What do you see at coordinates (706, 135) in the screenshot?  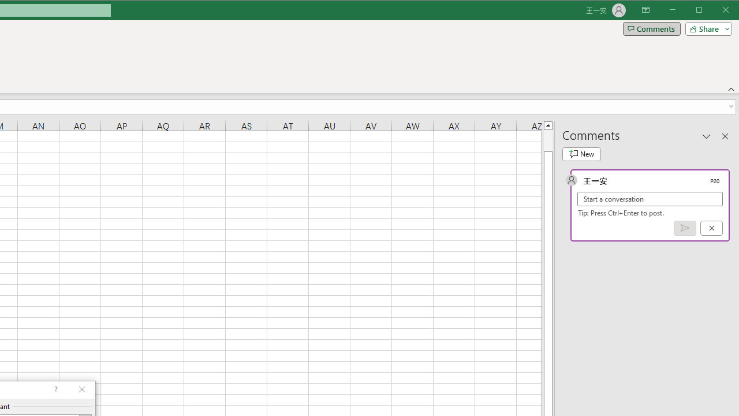 I see `'Task Pane Options'` at bounding box center [706, 135].